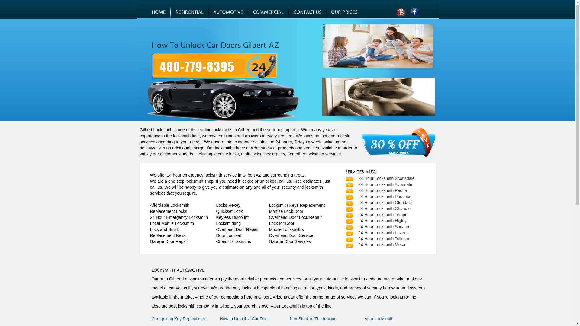 The height and width of the screenshot is (326, 580). Describe the element at coordinates (281, 223) in the screenshot. I see `'Lock for Door'` at that location.